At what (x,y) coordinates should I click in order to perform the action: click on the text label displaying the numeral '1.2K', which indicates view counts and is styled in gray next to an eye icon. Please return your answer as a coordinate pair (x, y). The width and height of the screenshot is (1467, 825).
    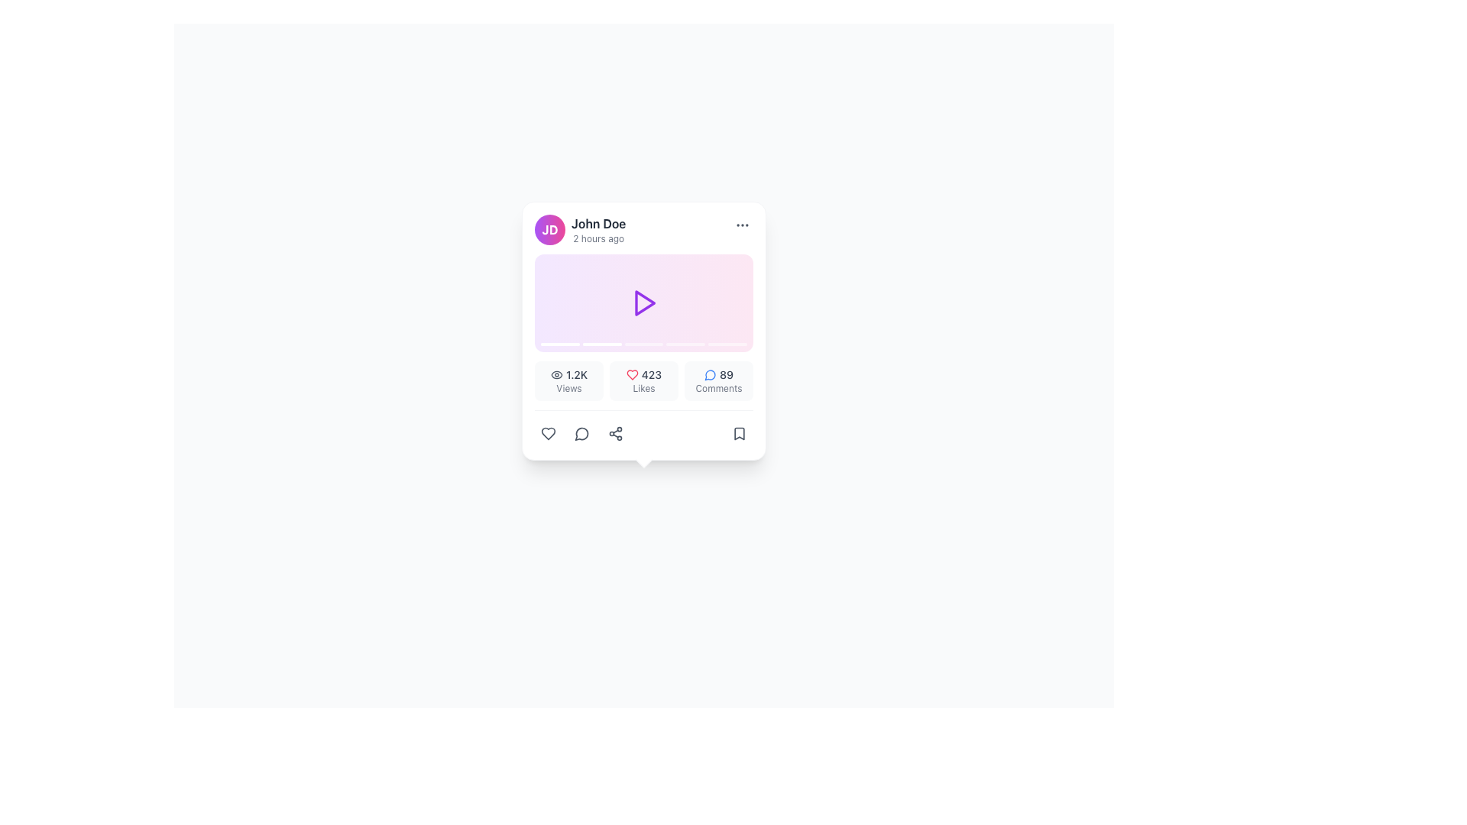
    Looking at the image, I should click on (575, 374).